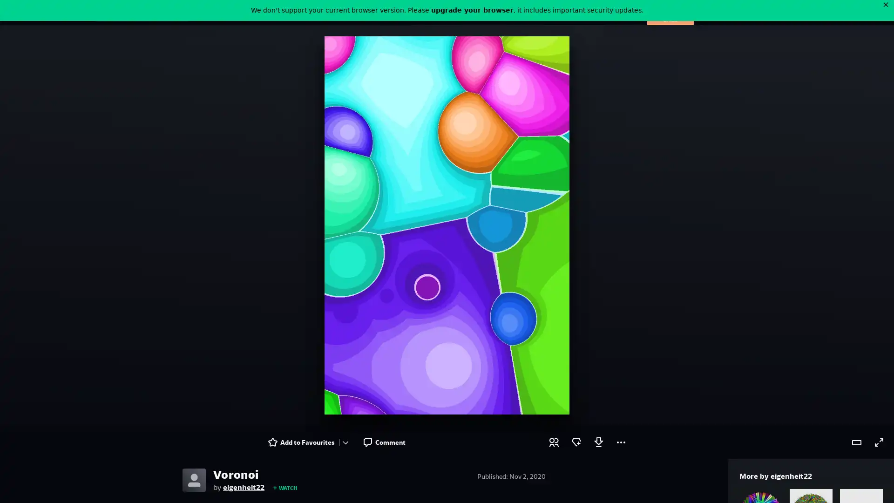 Image resolution: width=894 pixels, height=503 pixels. I want to click on WATCH, so click(284, 487).